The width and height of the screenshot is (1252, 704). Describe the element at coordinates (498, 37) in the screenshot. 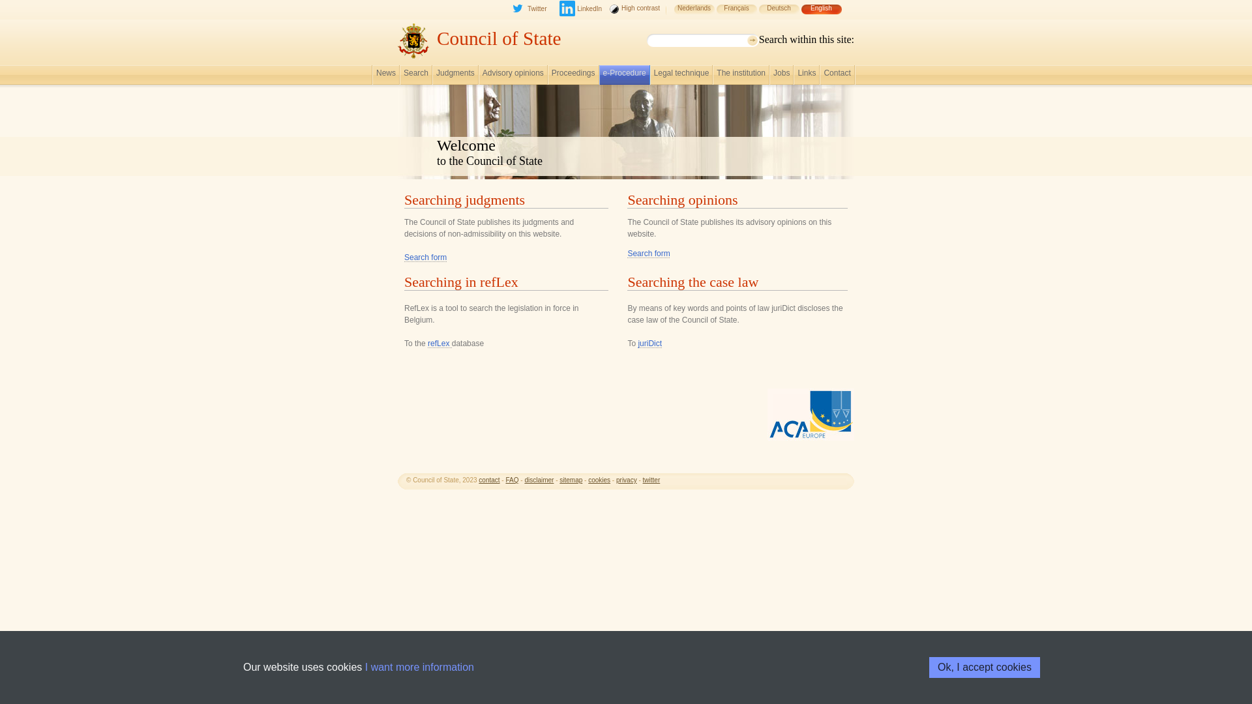

I see `'Council of State'` at that location.